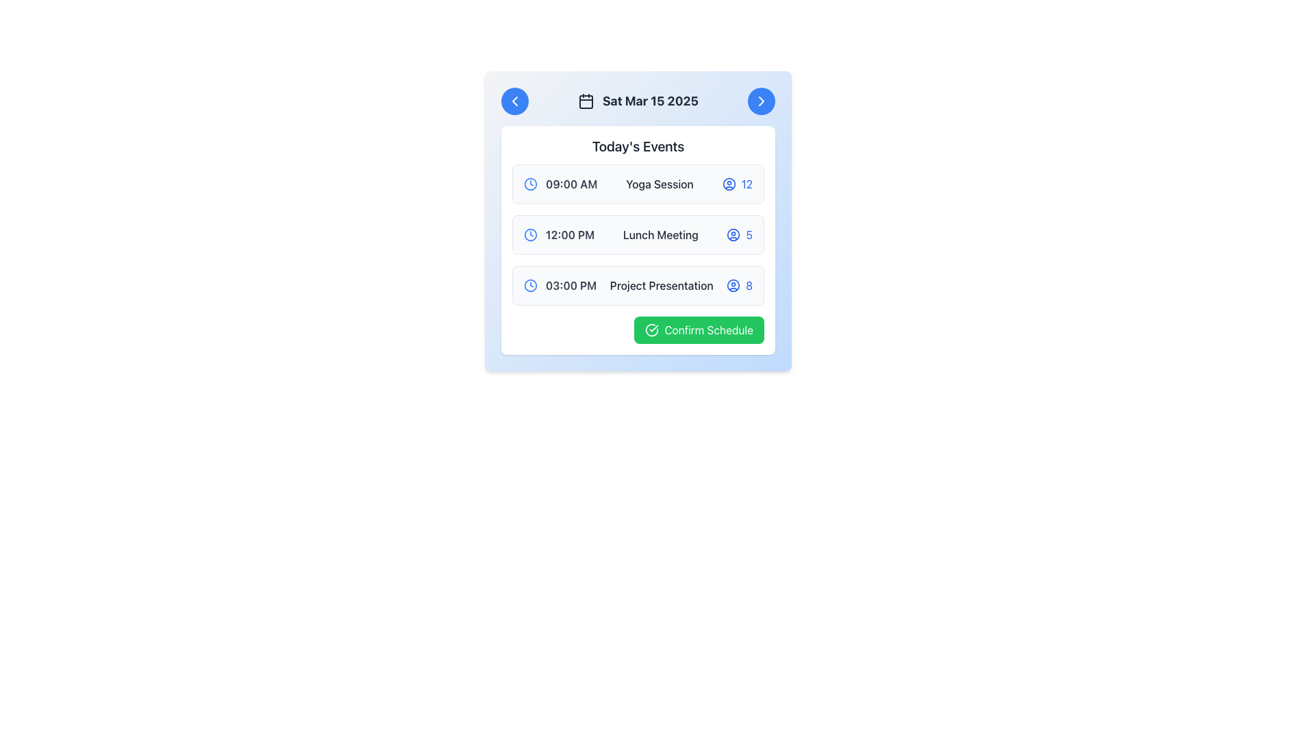  Describe the element at coordinates (651, 330) in the screenshot. I see `confirmation icon located to the left of the 'Confirm Schedule' button, which visually enhances the button by conveying confirmation or approval` at that location.